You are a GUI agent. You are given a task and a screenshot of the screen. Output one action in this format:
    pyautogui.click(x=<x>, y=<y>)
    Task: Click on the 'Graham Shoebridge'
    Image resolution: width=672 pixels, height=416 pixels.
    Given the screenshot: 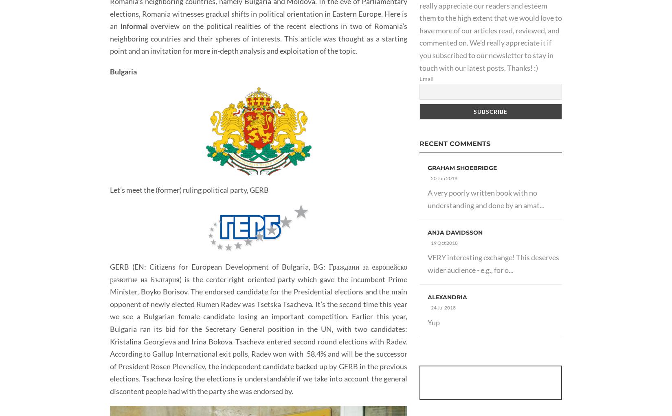 What is the action you would take?
    pyautogui.click(x=462, y=167)
    